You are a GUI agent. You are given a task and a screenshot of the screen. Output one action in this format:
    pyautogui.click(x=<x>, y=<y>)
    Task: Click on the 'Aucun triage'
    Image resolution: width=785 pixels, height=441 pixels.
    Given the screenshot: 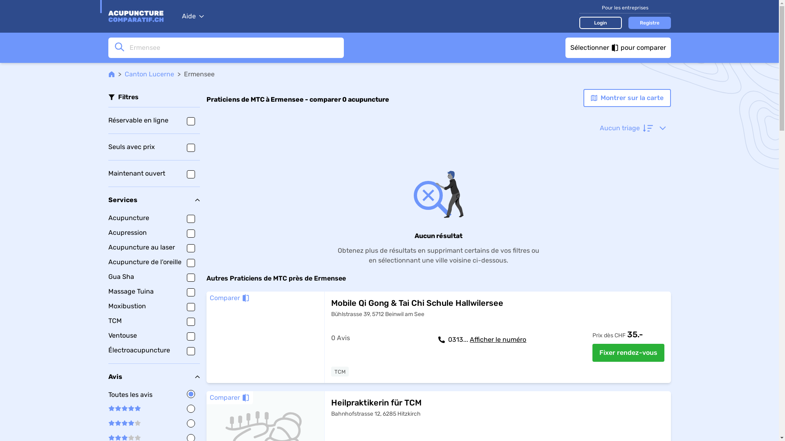 What is the action you would take?
    pyautogui.click(x=632, y=128)
    